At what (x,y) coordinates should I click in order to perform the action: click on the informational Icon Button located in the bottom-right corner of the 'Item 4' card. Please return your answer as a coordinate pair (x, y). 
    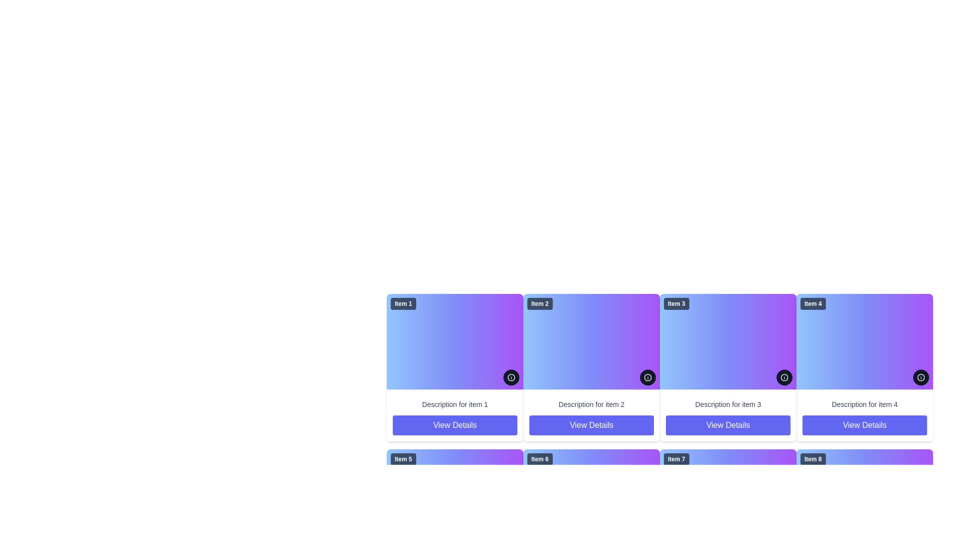
    Looking at the image, I should click on (921, 378).